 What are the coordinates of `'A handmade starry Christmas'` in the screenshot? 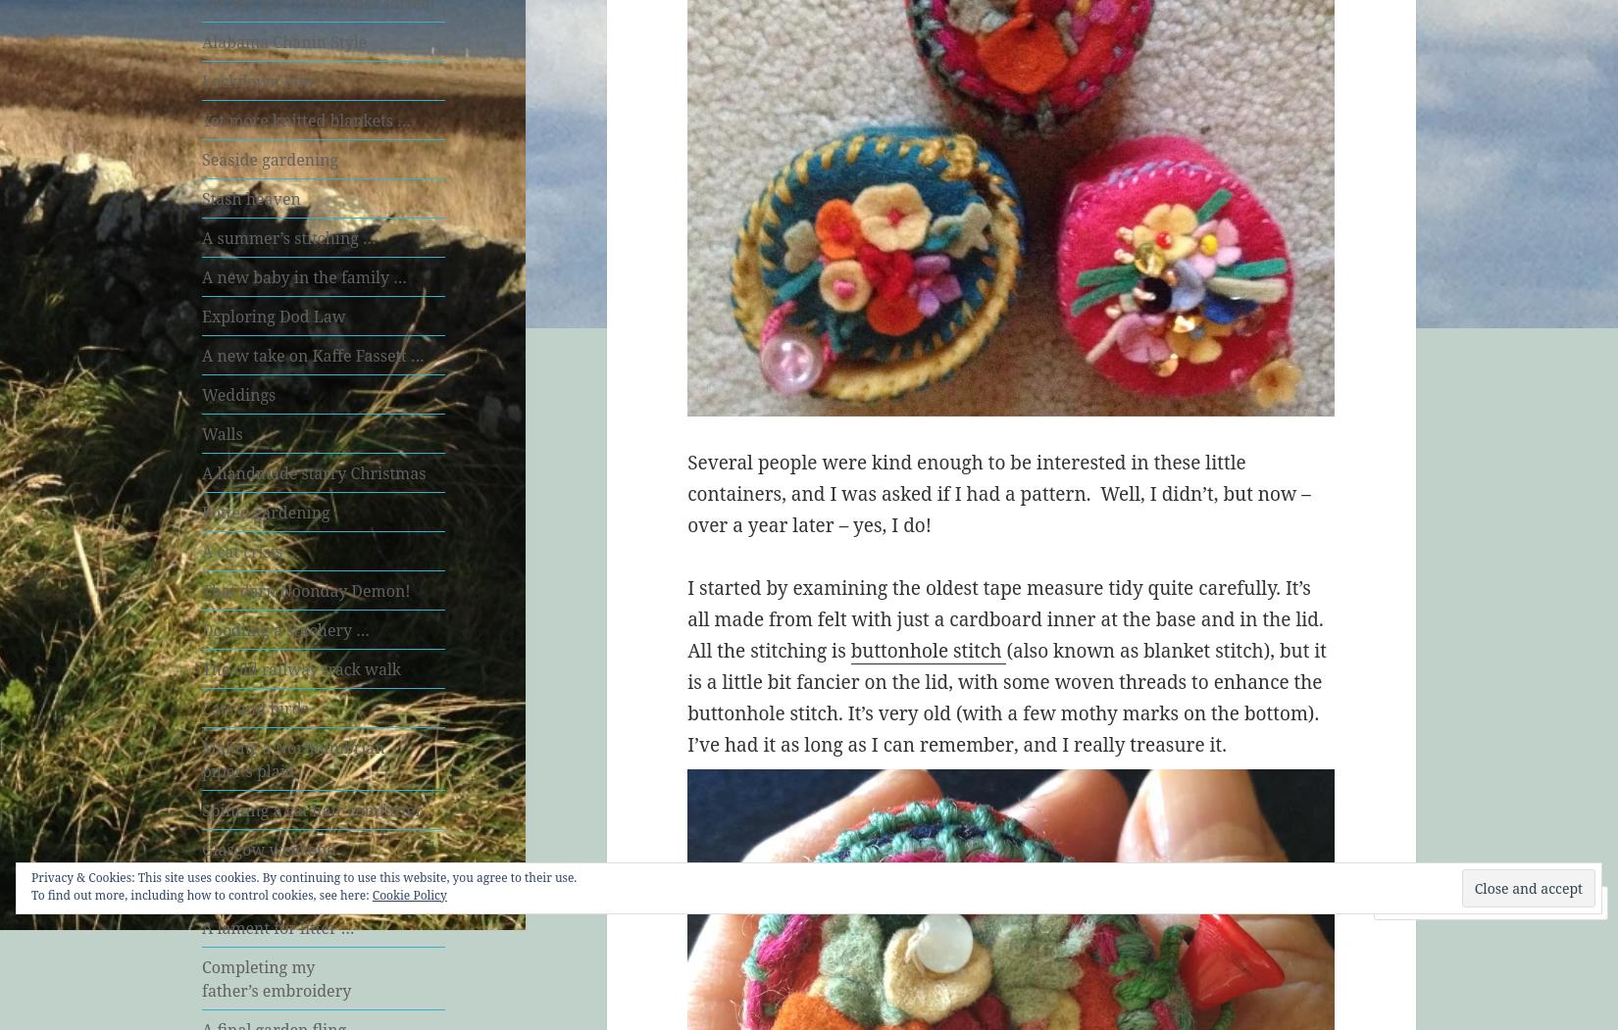 It's located at (313, 470).